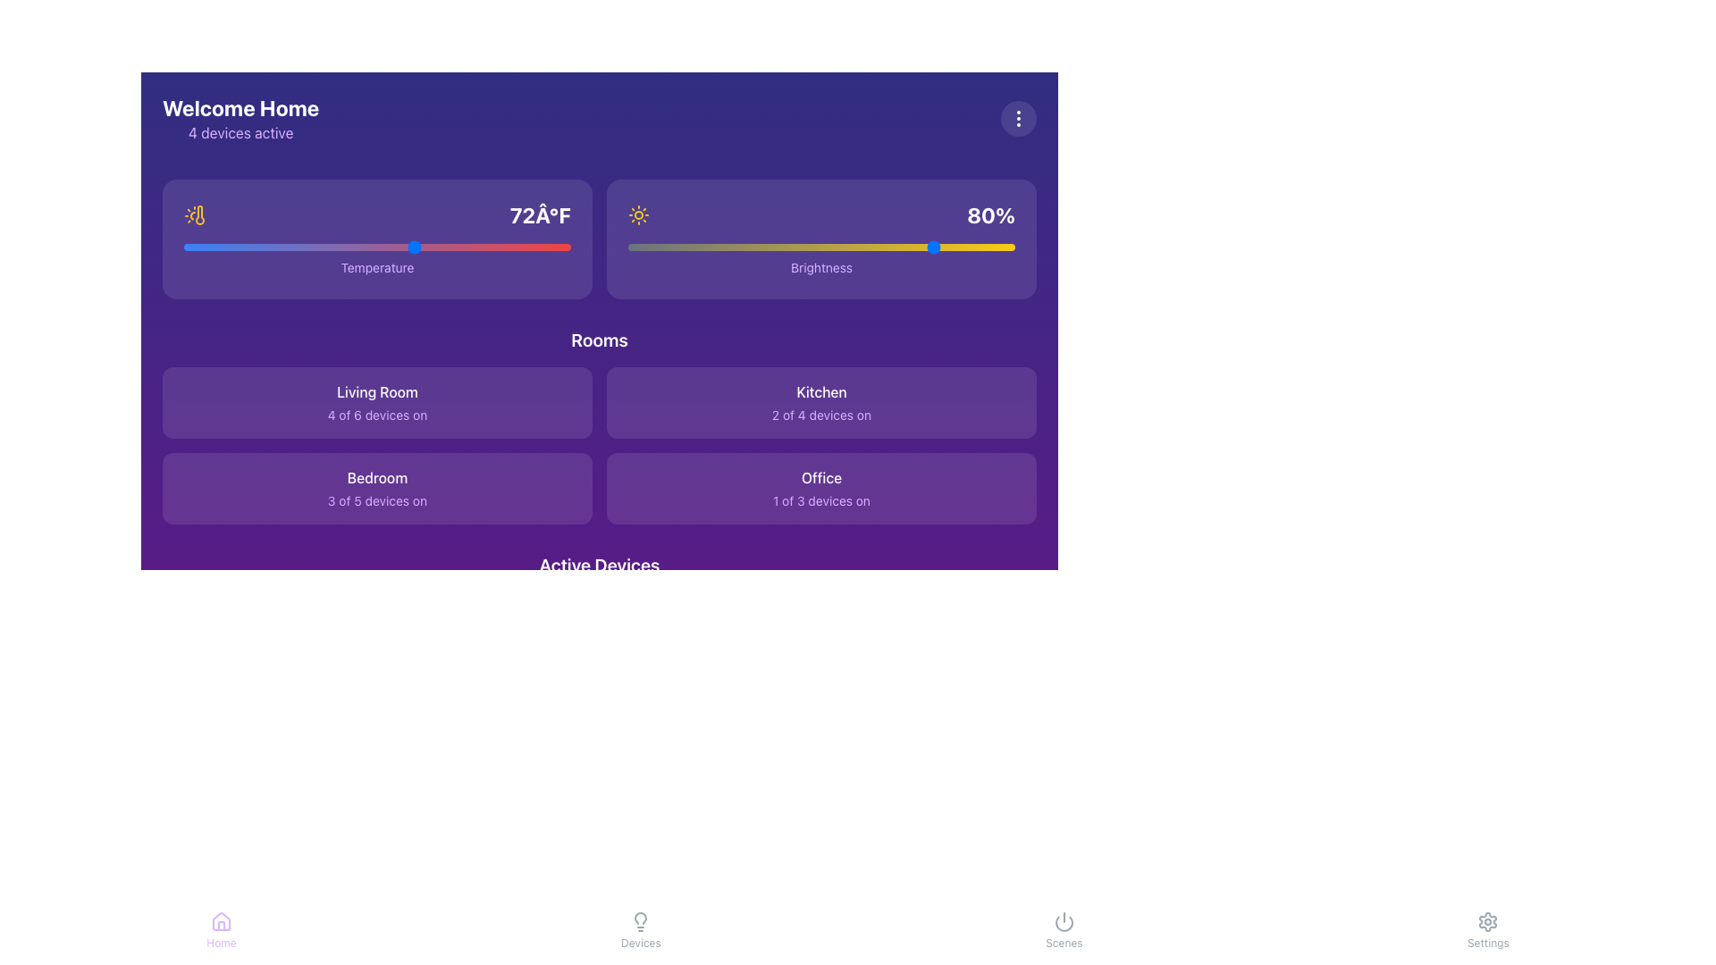 The width and height of the screenshot is (1716, 965). What do you see at coordinates (1019, 118) in the screenshot?
I see `the vertical ellipsis icon in the top-right corner of the user interface` at bounding box center [1019, 118].